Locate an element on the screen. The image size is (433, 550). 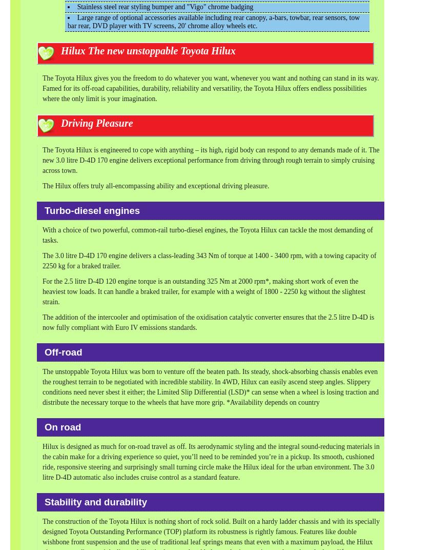
'The new unstoppable Toyota Hilux' is located at coordinates (160, 50).